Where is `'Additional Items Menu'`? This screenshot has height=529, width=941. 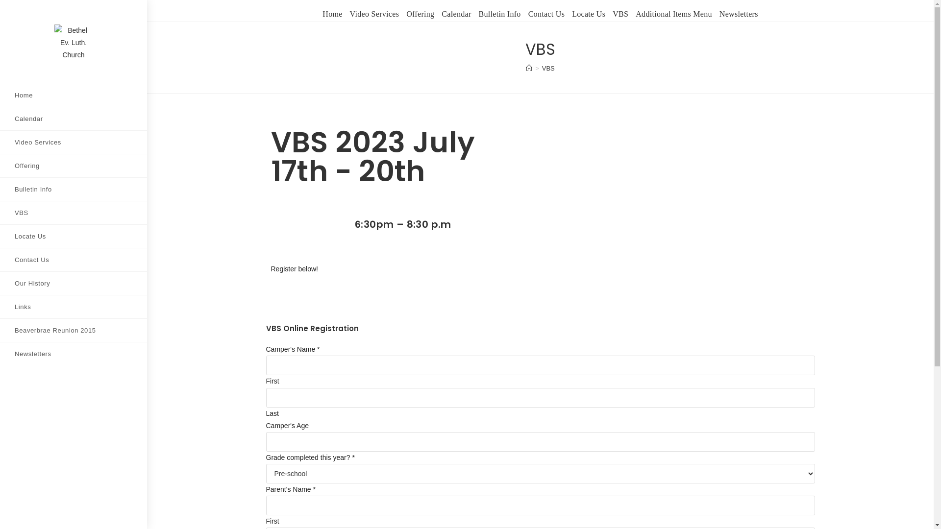
'Additional Items Menu' is located at coordinates (673, 14).